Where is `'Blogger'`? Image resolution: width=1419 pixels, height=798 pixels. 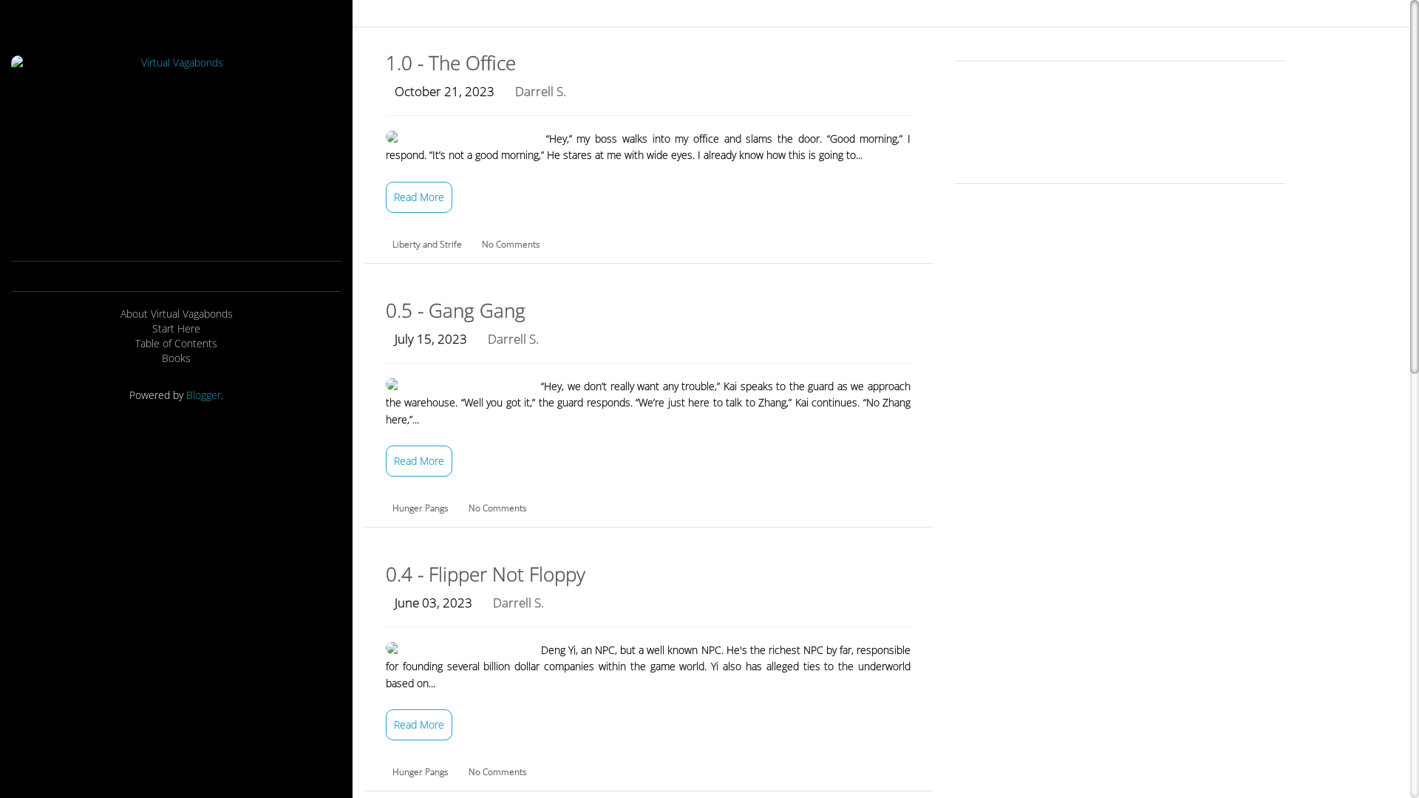 'Blogger' is located at coordinates (203, 394).